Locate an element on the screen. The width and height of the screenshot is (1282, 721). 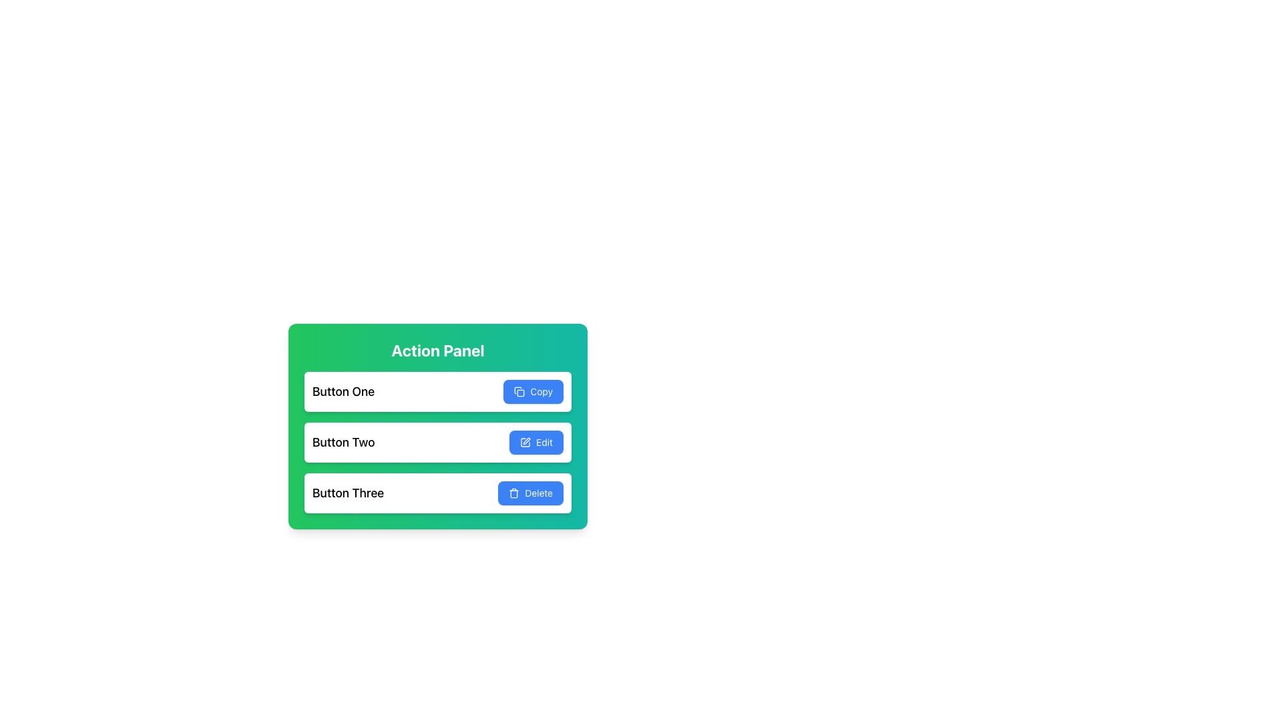
the 'Copy' text label which has a blue background and white text, located within the first button of the 'Action Panel', situated to the right of the document icon is located at coordinates (542, 391).